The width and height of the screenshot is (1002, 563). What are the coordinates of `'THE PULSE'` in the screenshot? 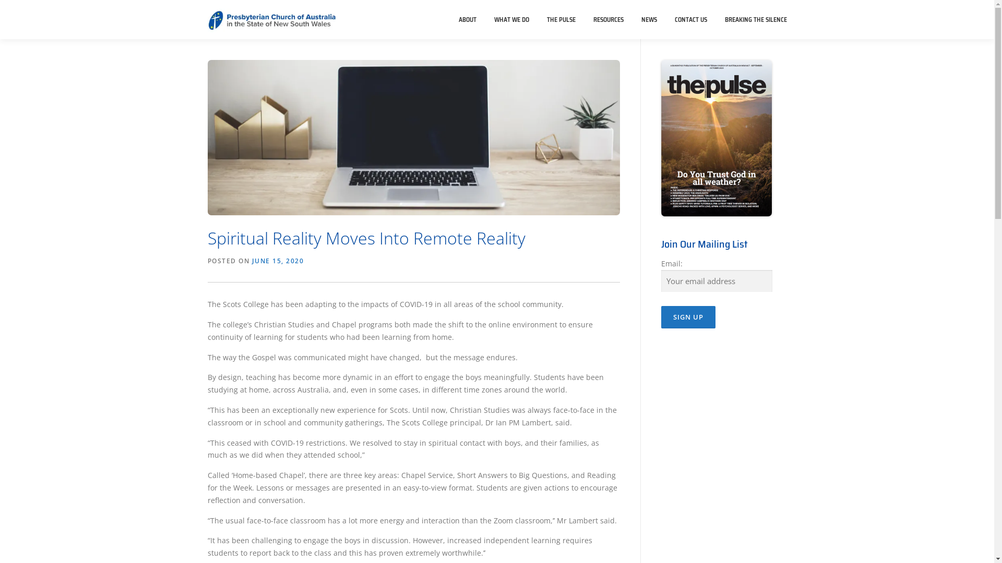 It's located at (560, 19).